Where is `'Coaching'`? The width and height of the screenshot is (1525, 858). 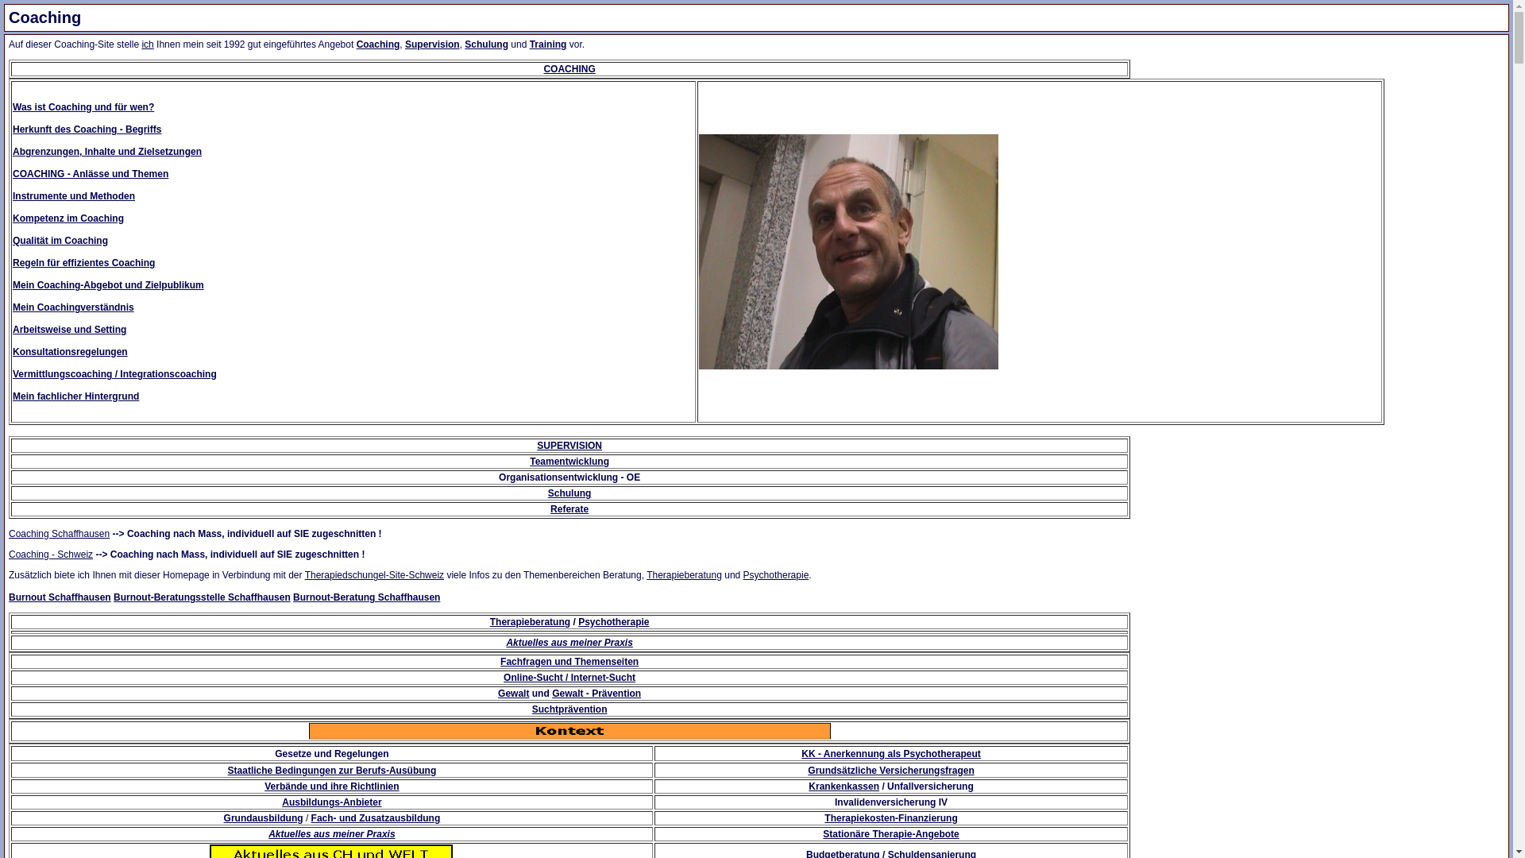 'Coaching' is located at coordinates (377, 44).